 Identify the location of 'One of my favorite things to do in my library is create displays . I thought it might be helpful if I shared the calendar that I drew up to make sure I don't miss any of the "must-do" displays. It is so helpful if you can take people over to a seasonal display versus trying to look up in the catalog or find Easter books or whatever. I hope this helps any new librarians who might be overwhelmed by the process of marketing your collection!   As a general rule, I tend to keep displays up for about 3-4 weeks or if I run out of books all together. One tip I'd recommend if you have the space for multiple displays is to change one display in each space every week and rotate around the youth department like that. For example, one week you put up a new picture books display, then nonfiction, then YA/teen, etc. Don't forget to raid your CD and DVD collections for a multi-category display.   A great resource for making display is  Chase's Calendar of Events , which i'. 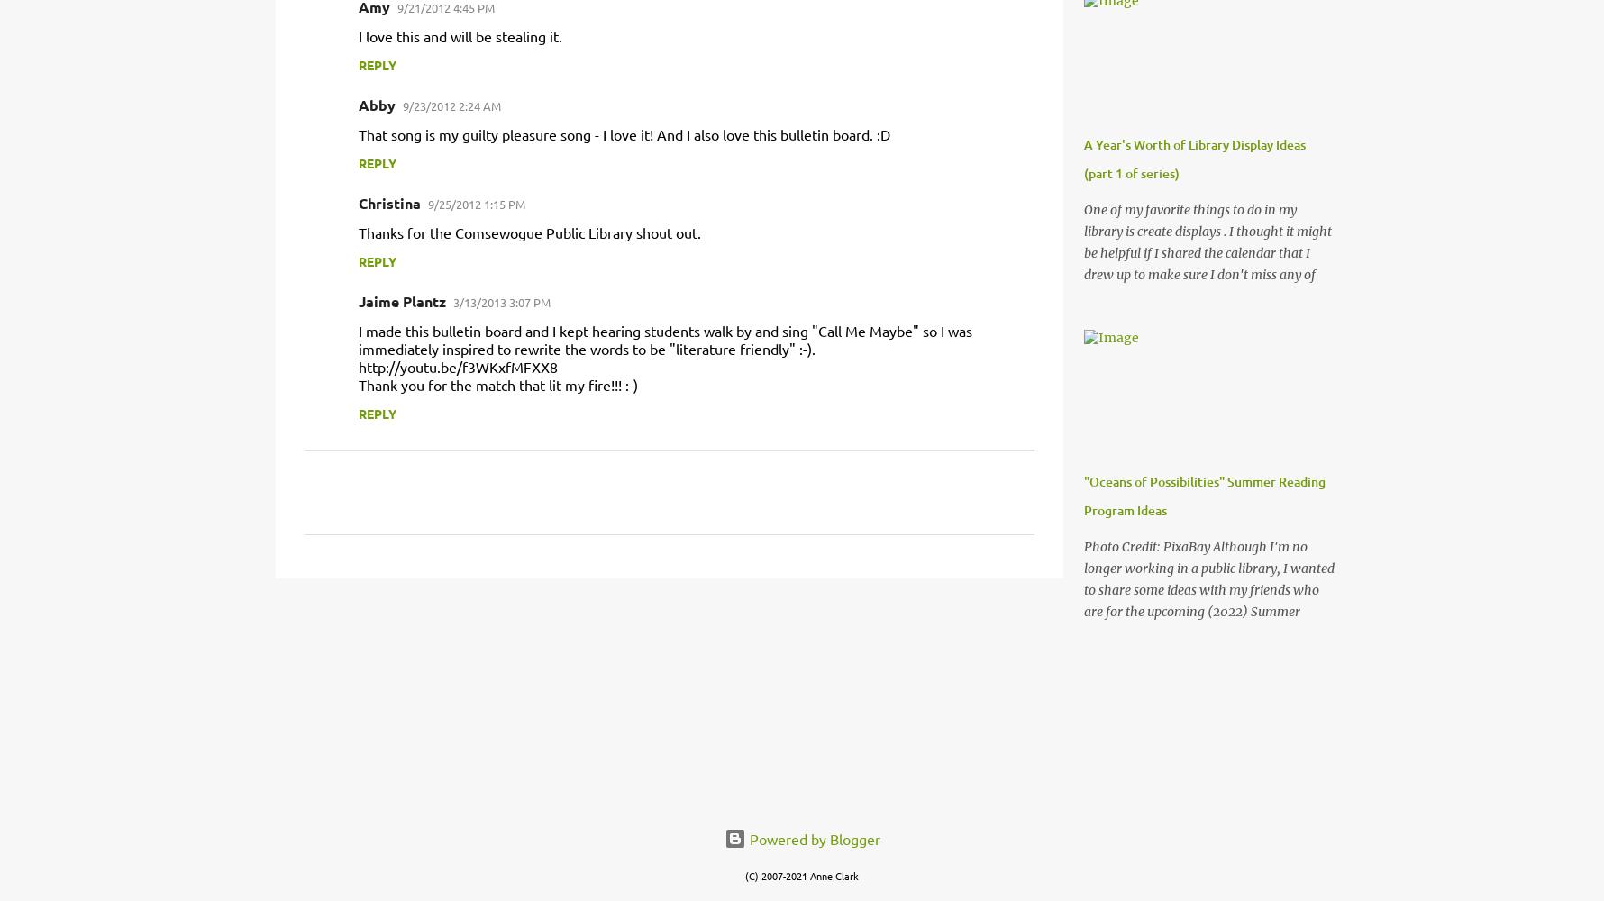
(1083, 447).